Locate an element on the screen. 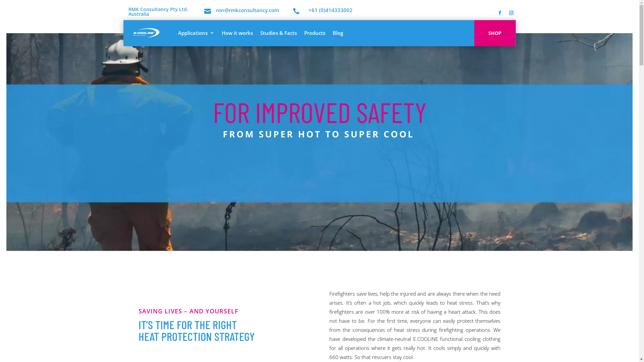 This screenshot has width=644, height=362. 'Products' is located at coordinates (314, 33).